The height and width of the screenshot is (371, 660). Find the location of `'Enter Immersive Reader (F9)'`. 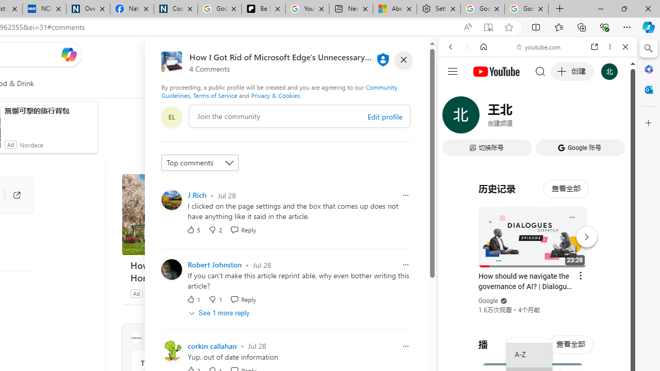

'Enter Immersive Reader (F9)' is located at coordinates (487, 27).